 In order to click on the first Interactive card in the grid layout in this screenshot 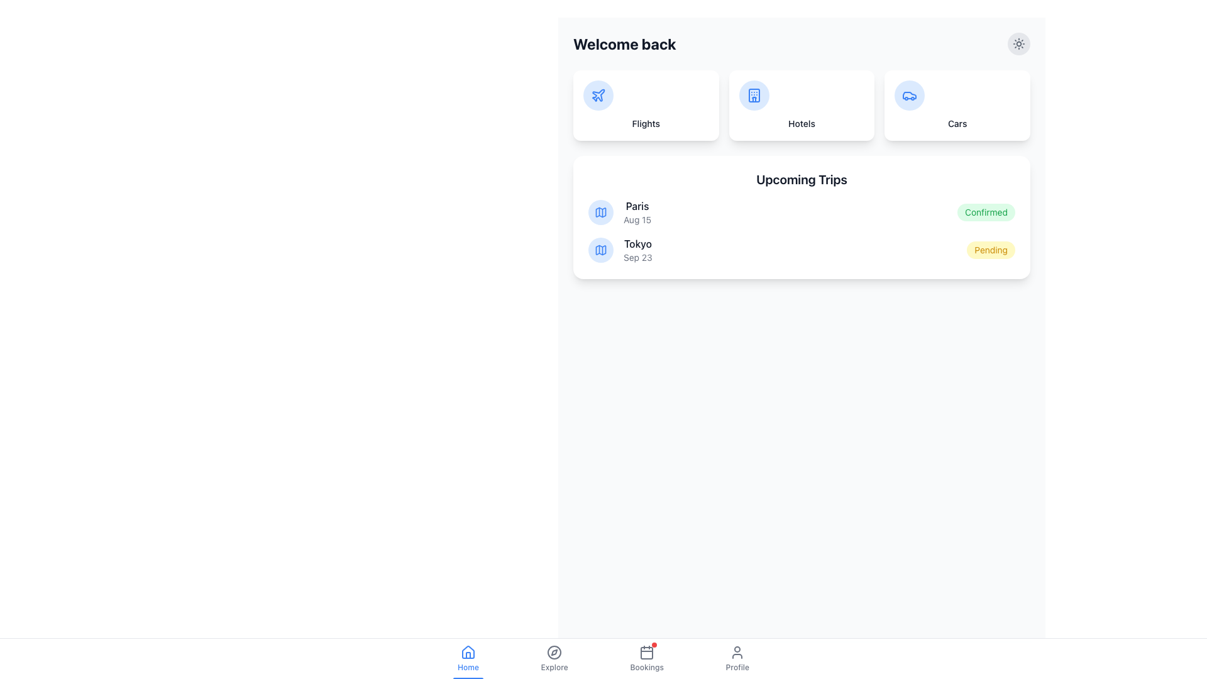, I will do `click(646, 105)`.